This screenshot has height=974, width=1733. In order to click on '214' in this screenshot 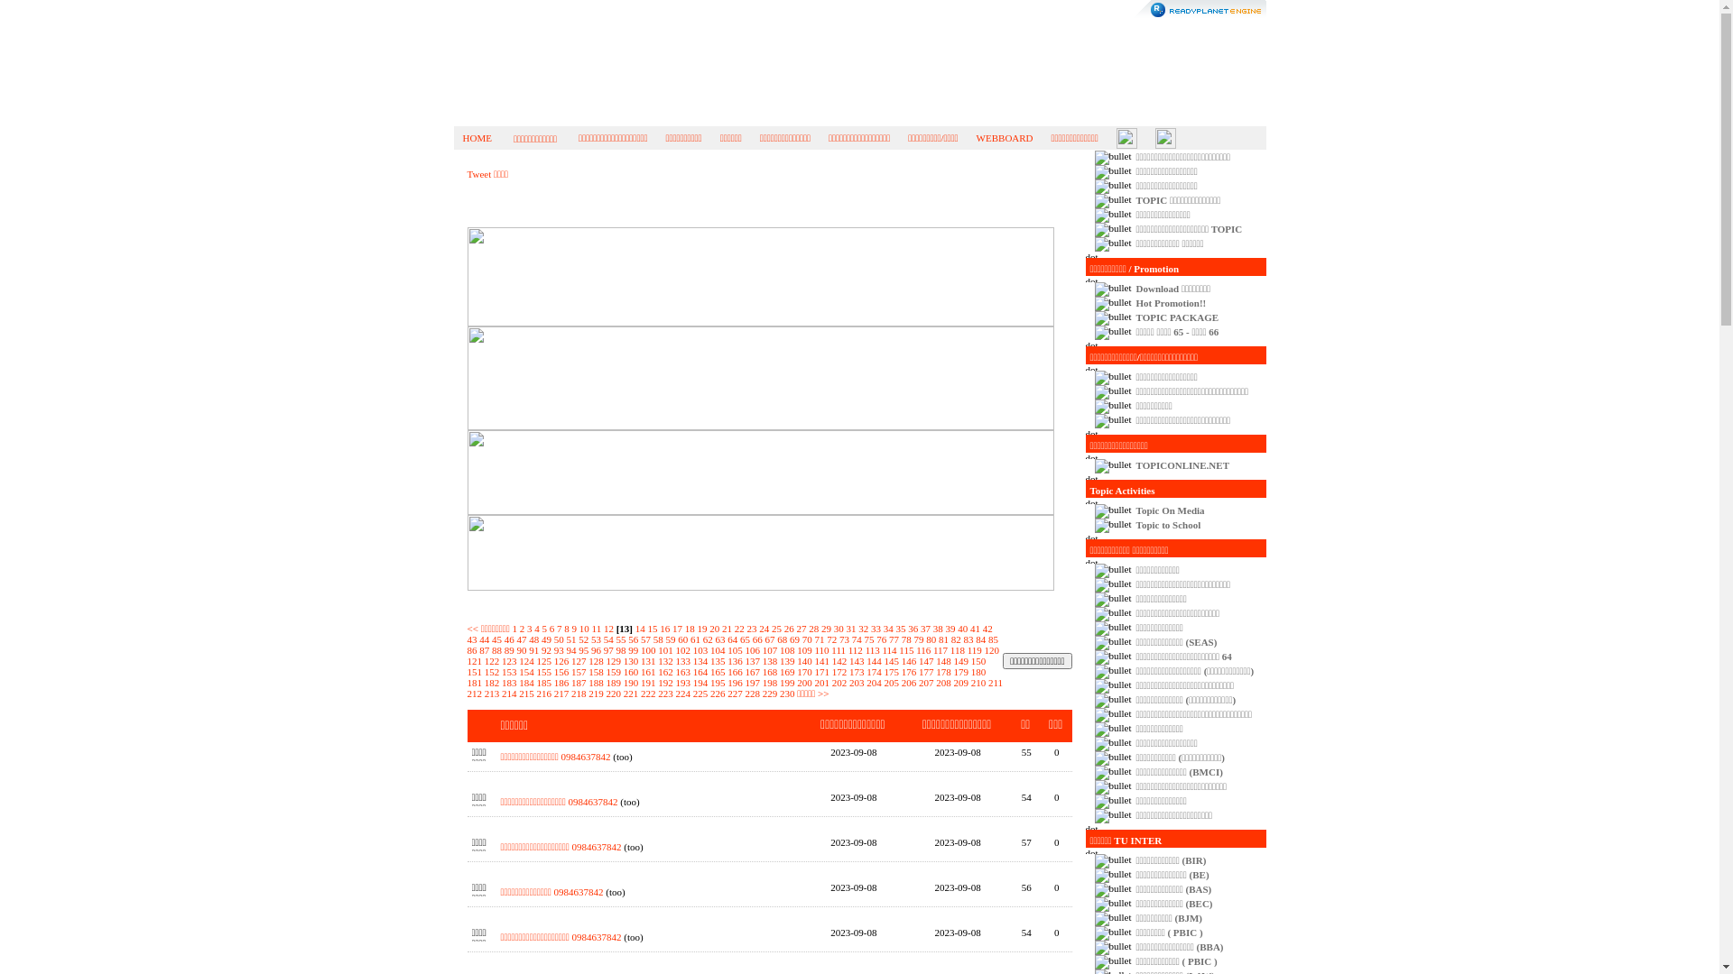, I will do `click(508, 692)`.